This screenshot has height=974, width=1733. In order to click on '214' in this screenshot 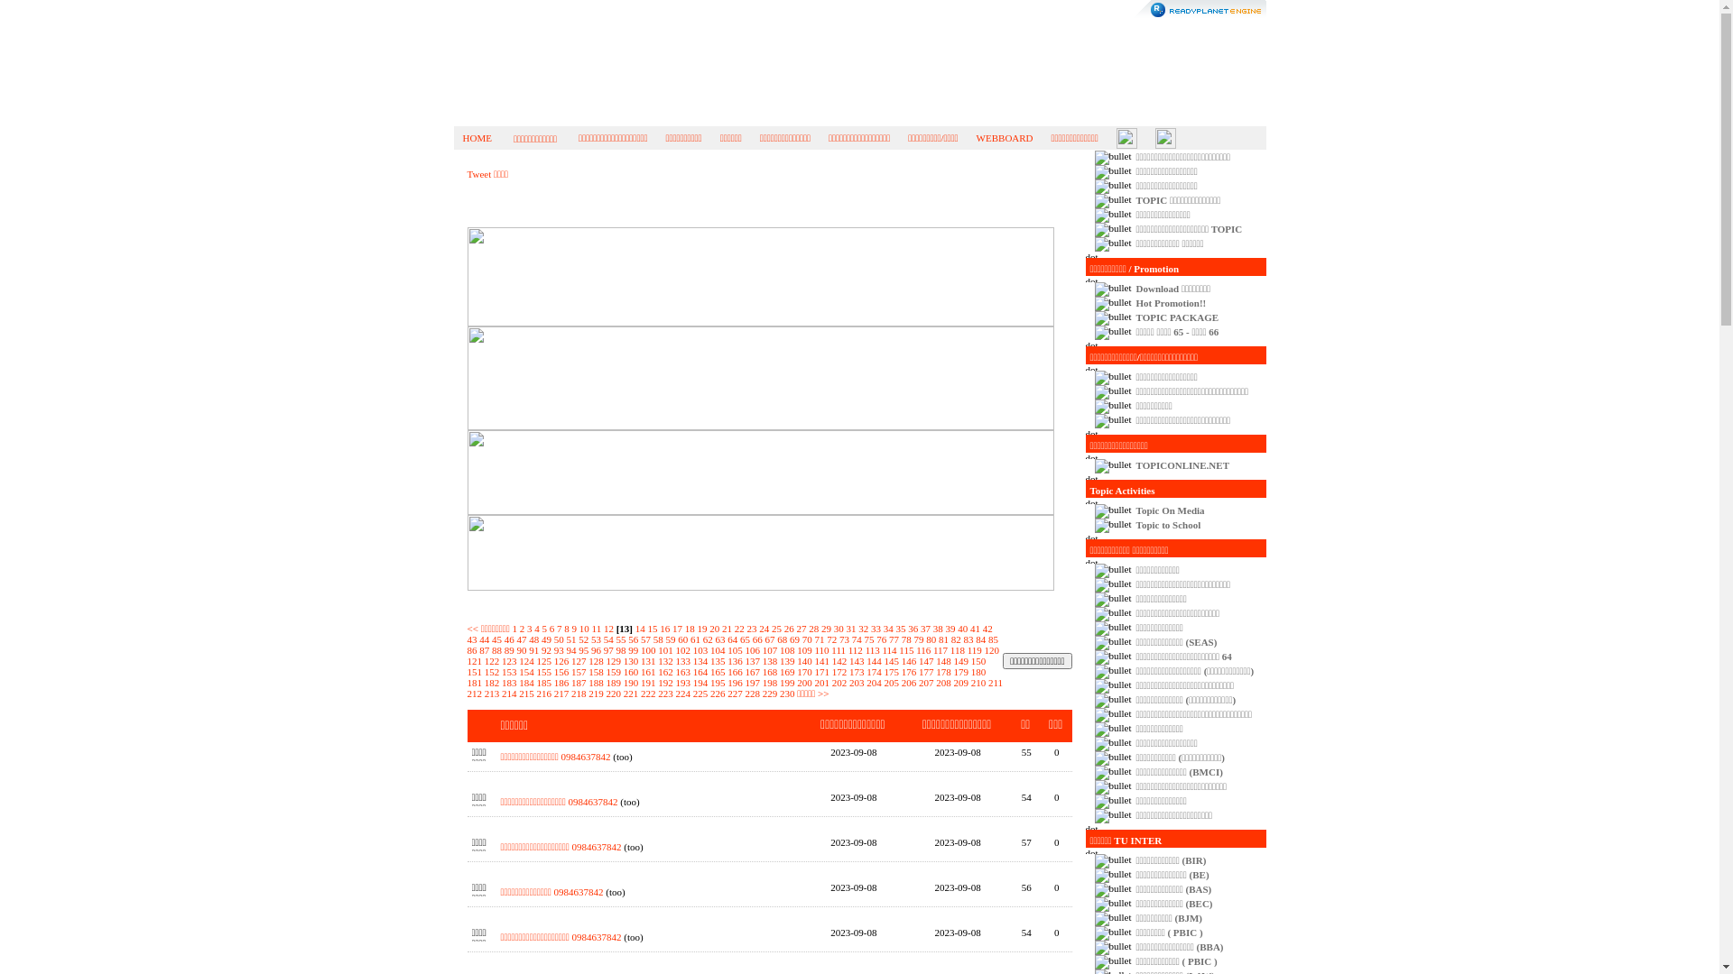, I will do `click(508, 692)`.